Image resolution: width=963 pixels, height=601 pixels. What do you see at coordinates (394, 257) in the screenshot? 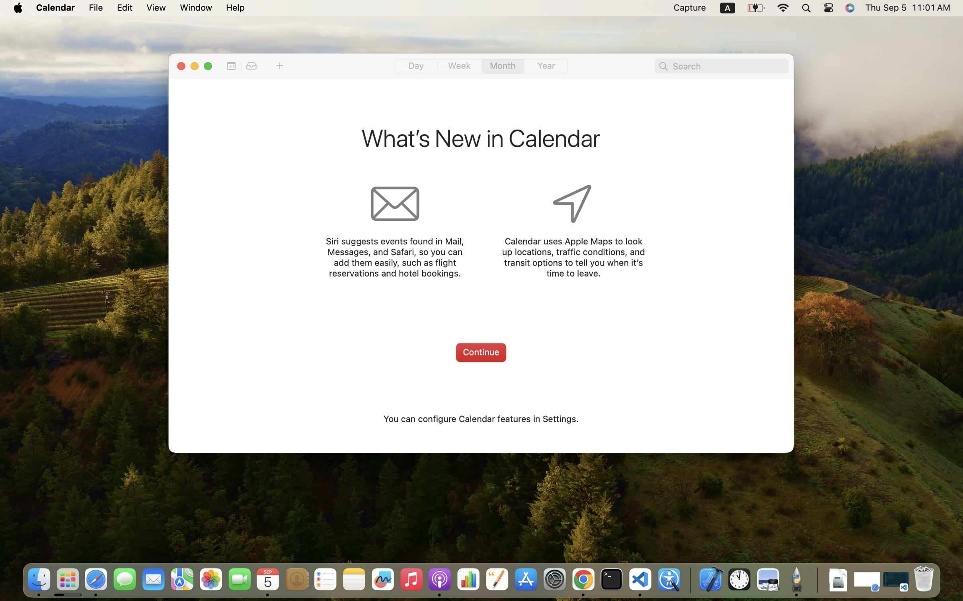
I see `'Siri suggests events found in Mail, Messages, and Safari, so you can add them easily, such as flight reservations and hotel bookings.'` at bounding box center [394, 257].